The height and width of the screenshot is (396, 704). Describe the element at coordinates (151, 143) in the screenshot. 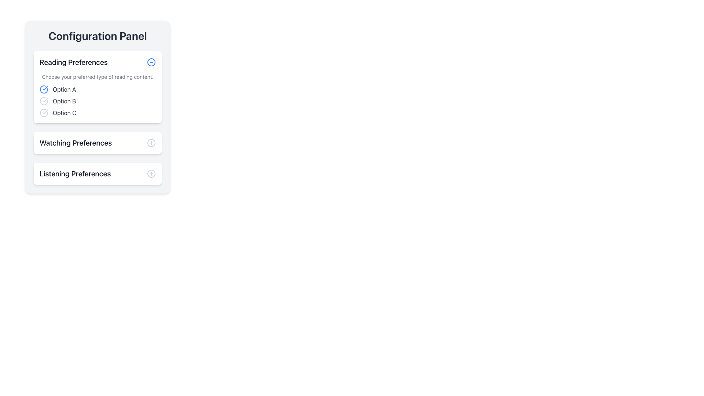

I see `the decorative graphic element (circle) that is part of the plus icon, located to the right of the 'Watching Preferences' text label in the configuration panel` at that location.